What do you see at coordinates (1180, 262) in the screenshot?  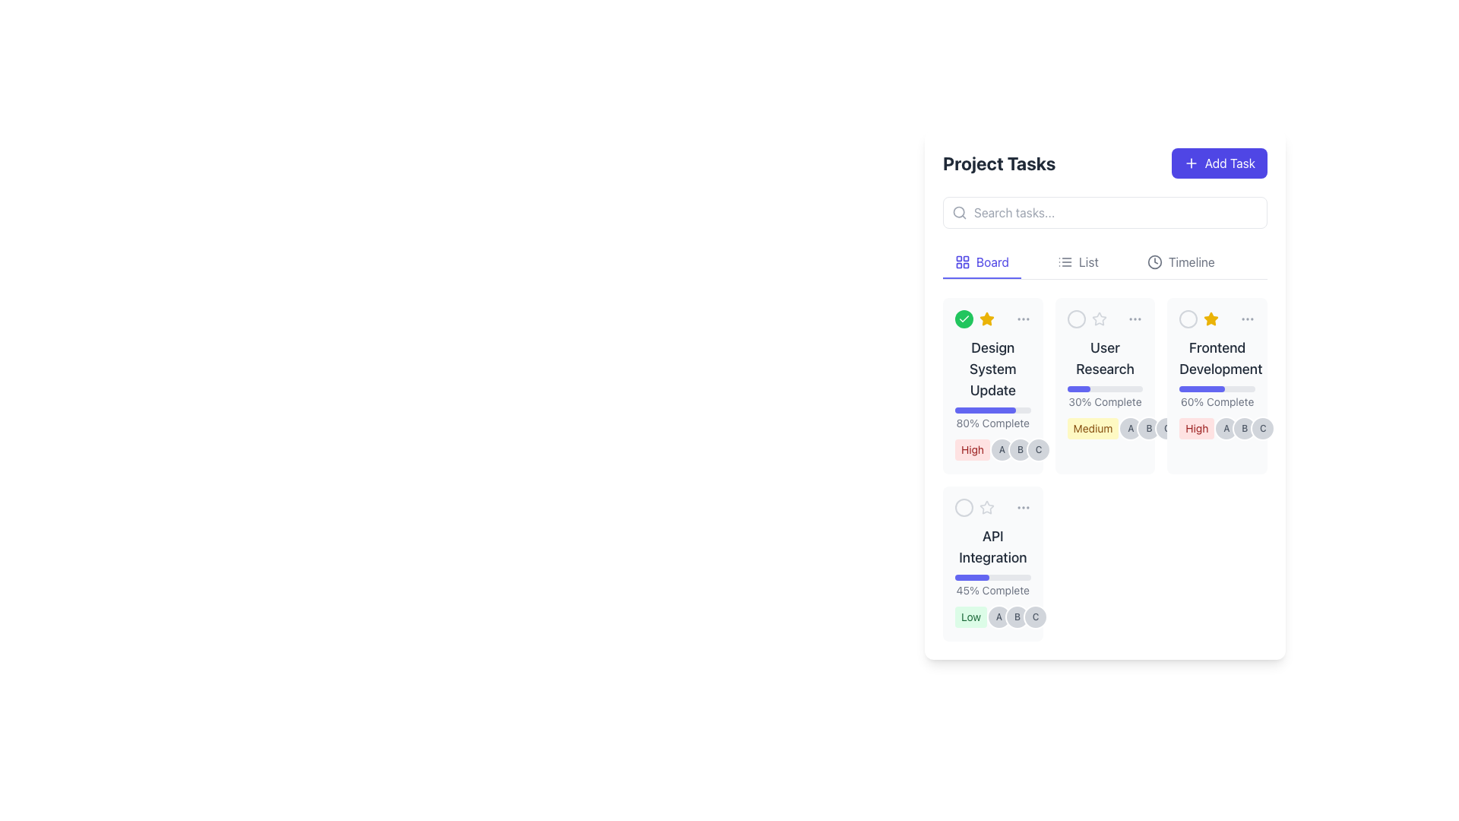 I see `the 'Timeline' navigation tab, which is the third tab in the horizontal navigation bar located near the top of the 'Project Tasks' section` at bounding box center [1180, 262].